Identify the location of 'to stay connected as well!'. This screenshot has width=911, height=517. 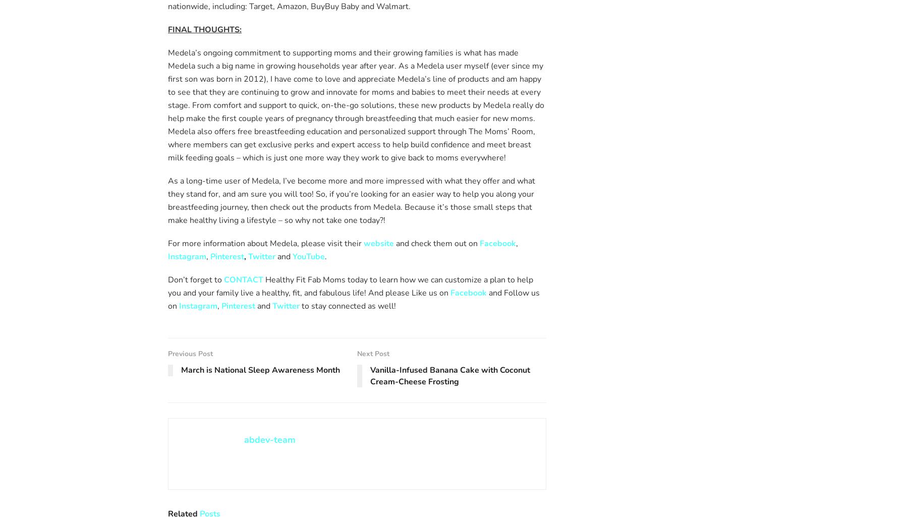
(347, 305).